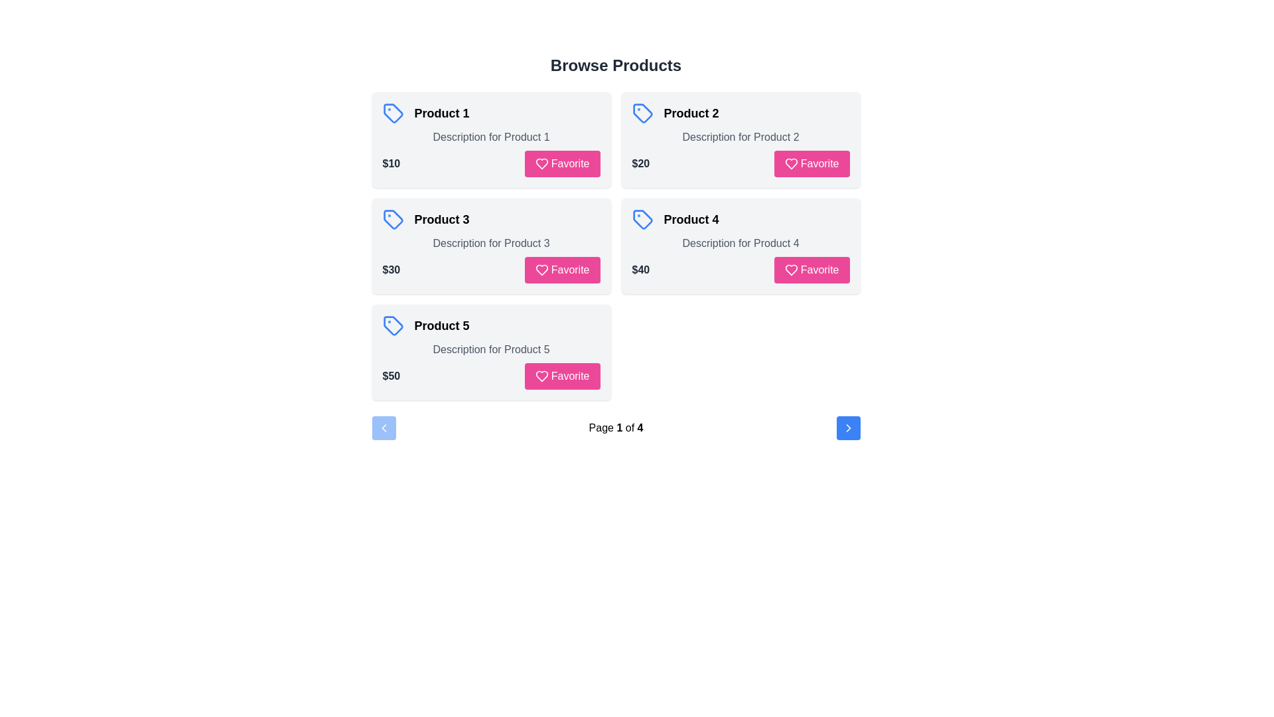 The image size is (1274, 717). Describe the element at coordinates (562, 270) in the screenshot. I see `the pink 'Favorite' button with a white heart icon located in the bottom-right corner of 'Product 3' card` at that location.